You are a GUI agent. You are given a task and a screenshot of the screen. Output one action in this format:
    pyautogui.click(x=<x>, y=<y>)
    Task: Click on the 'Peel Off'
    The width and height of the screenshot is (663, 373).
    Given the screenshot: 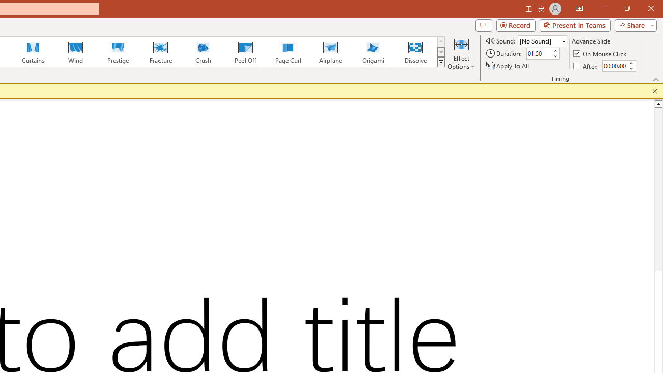 What is the action you would take?
    pyautogui.click(x=244, y=52)
    